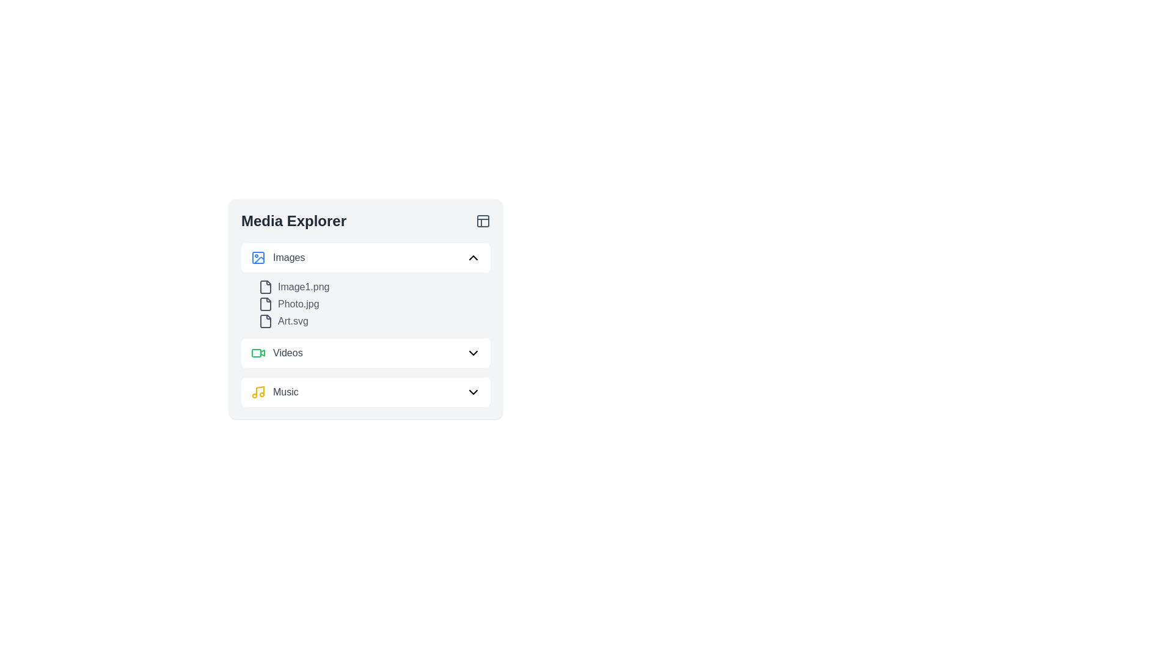 This screenshot has width=1173, height=660. I want to click on the Music category vector icon in the Media Explorer panel, which is located at the lower portion next to the text 'Music', so click(257, 392).